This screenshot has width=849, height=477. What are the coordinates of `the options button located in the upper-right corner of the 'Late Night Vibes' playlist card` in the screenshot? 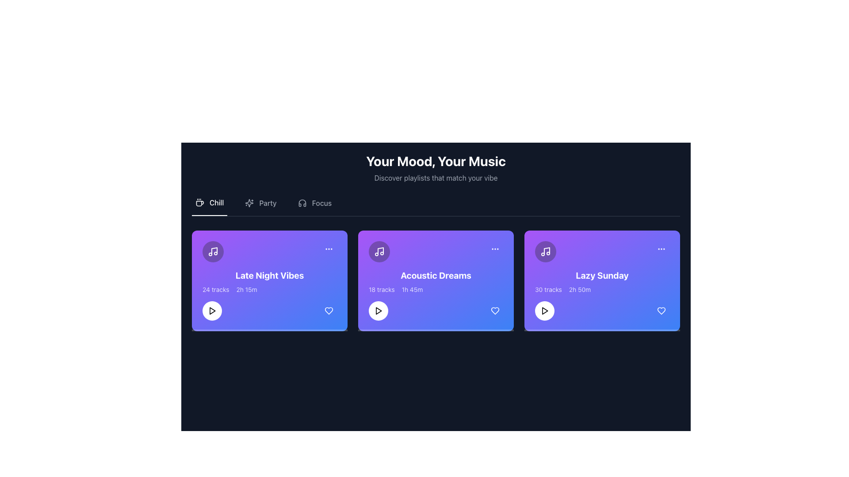 It's located at (329, 249).